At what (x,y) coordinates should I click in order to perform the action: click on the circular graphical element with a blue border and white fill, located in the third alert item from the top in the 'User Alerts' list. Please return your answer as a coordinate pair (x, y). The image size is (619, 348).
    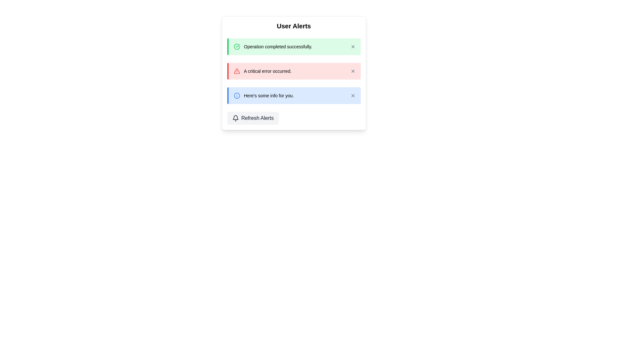
    Looking at the image, I should click on (236, 96).